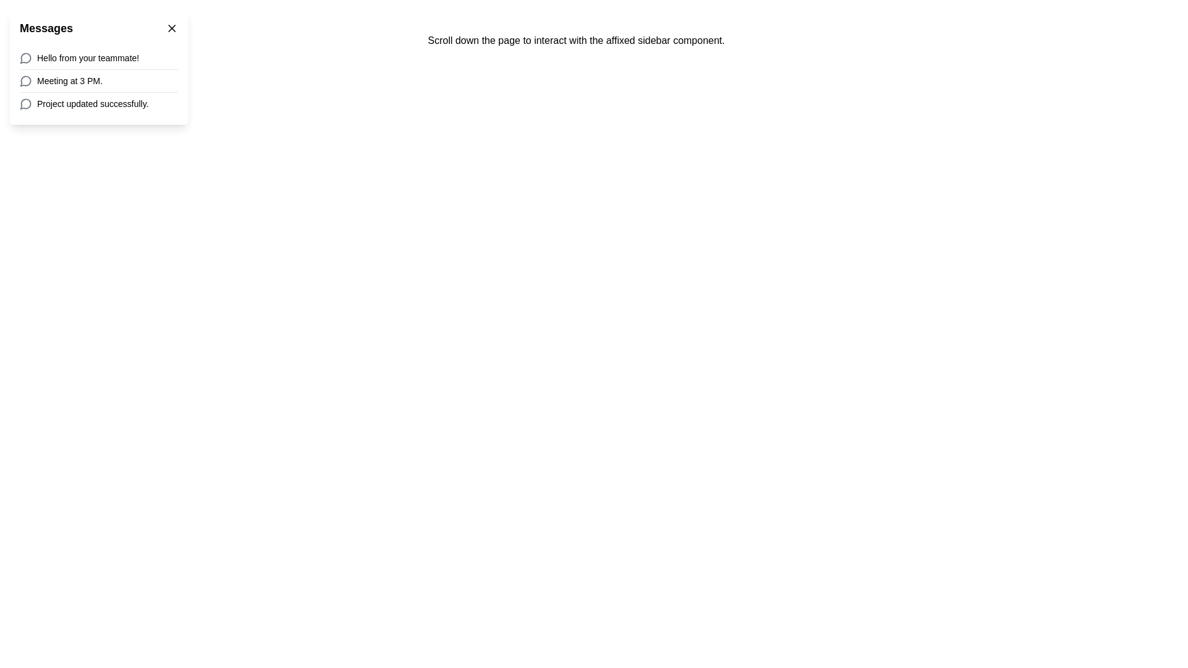 This screenshot has height=668, width=1188. What do you see at coordinates (98, 58) in the screenshot?
I see `the Notification Message displaying 'Hello from your teammate!'` at bounding box center [98, 58].